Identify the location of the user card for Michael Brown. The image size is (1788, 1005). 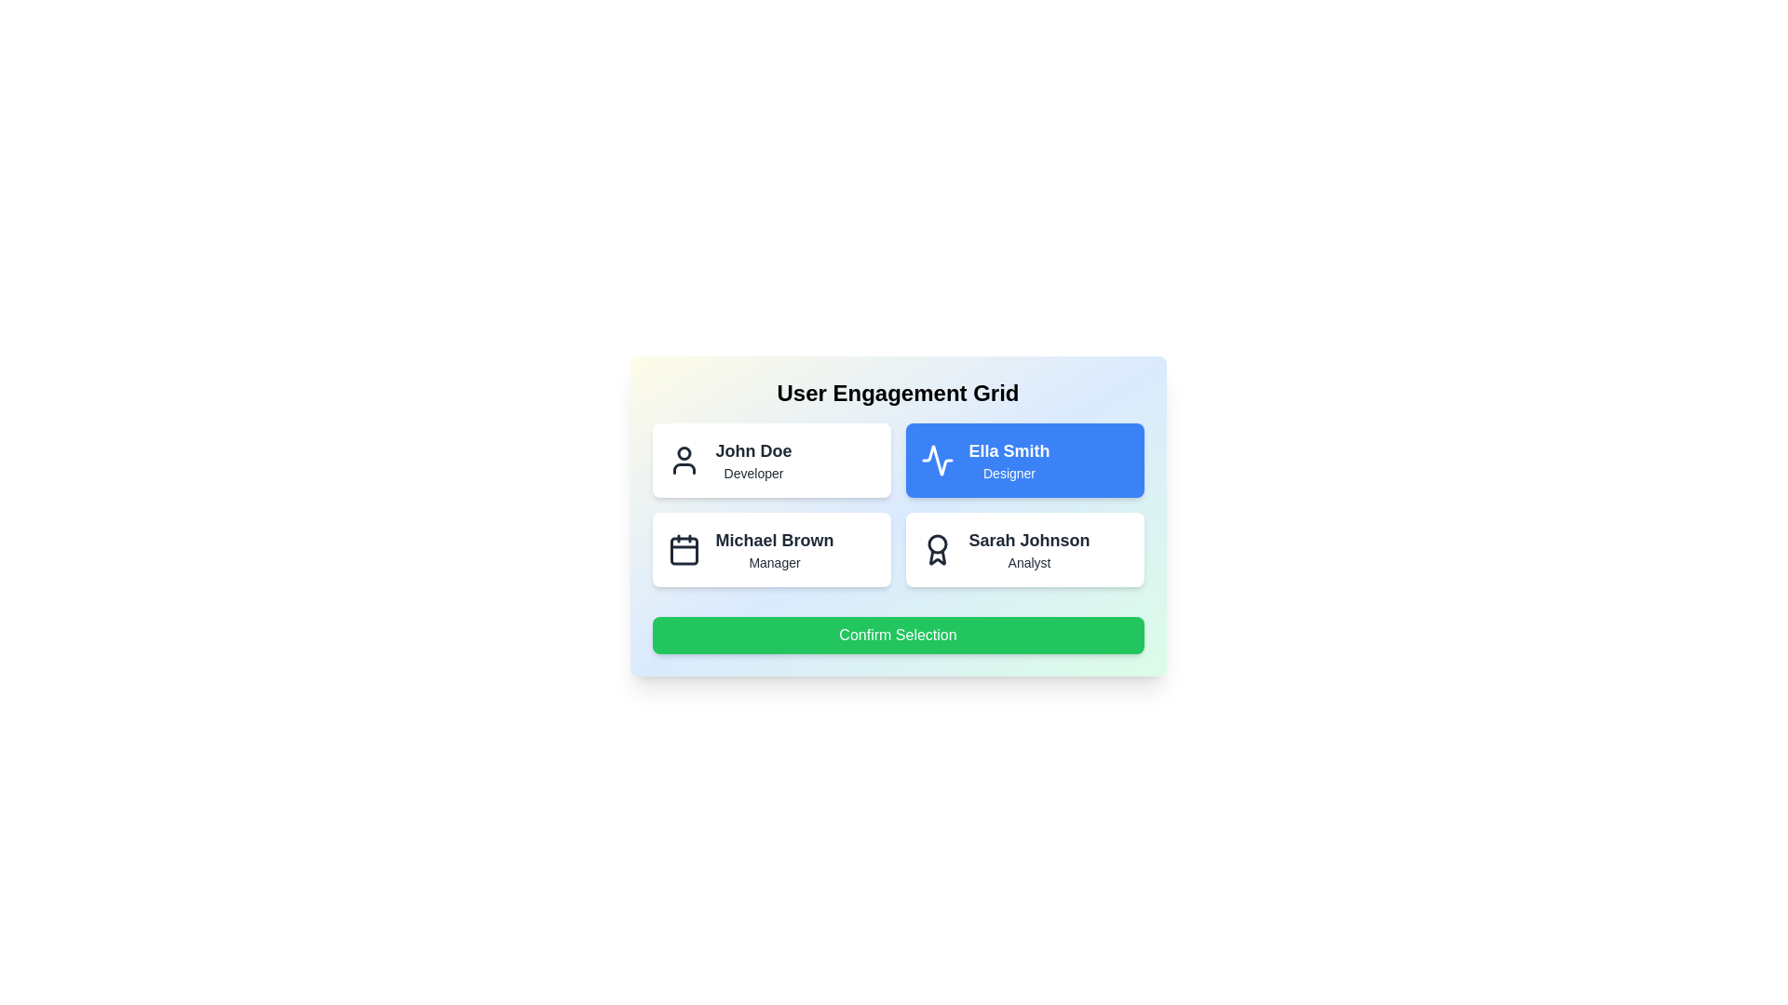
(771, 548).